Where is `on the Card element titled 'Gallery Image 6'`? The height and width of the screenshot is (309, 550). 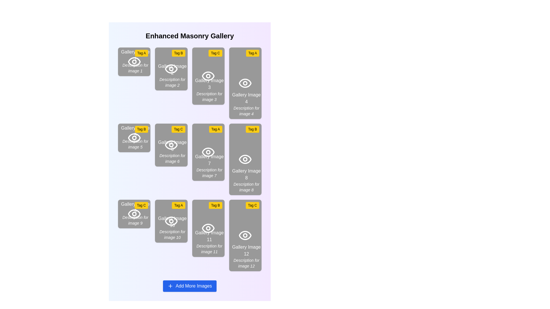
on the Card element titled 'Gallery Image 6' is located at coordinates (171, 144).